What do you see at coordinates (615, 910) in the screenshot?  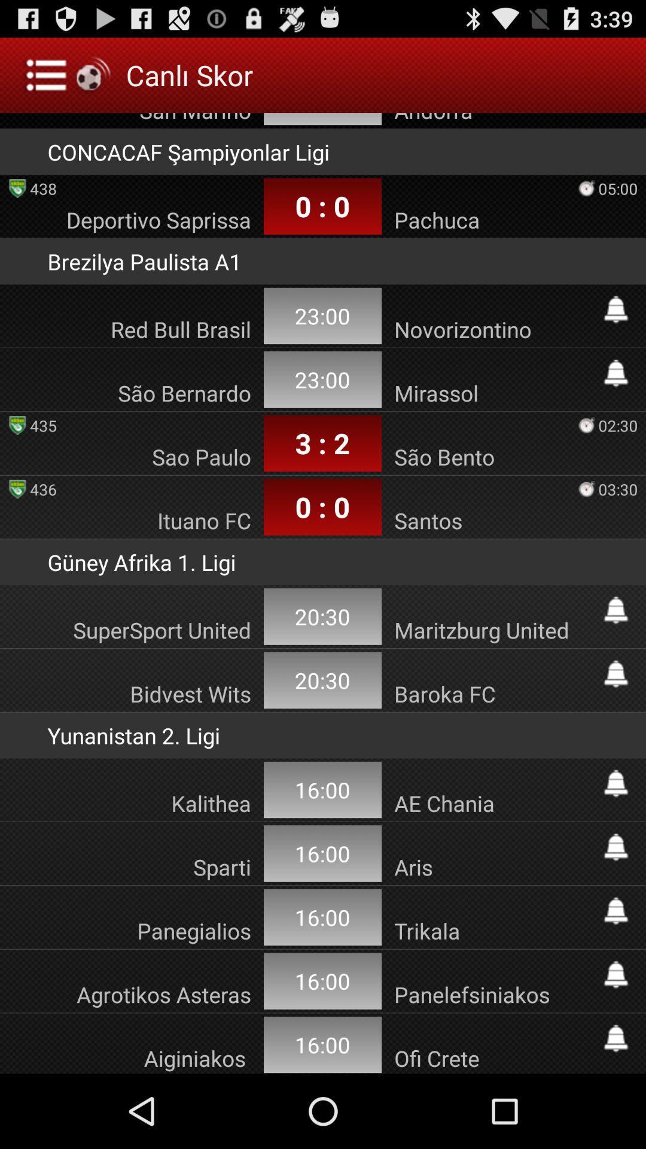 I see `notify on match` at bounding box center [615, 910].